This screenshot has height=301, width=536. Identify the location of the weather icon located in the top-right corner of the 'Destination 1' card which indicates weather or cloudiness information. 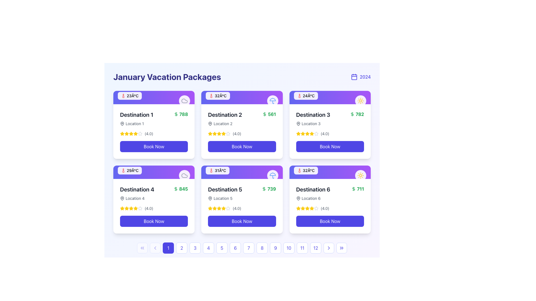
(185, 101).